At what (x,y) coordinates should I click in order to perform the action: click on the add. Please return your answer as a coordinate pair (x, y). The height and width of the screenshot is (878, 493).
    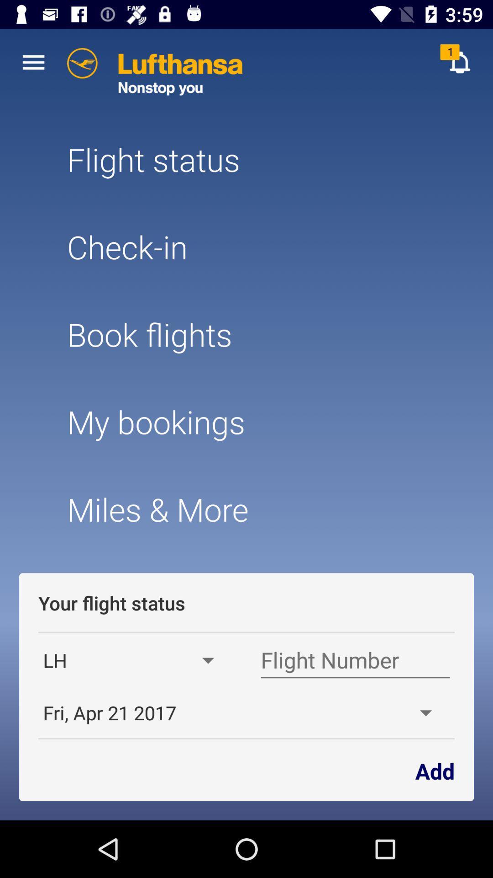
    Looking at the image, I should click on (434, 770).